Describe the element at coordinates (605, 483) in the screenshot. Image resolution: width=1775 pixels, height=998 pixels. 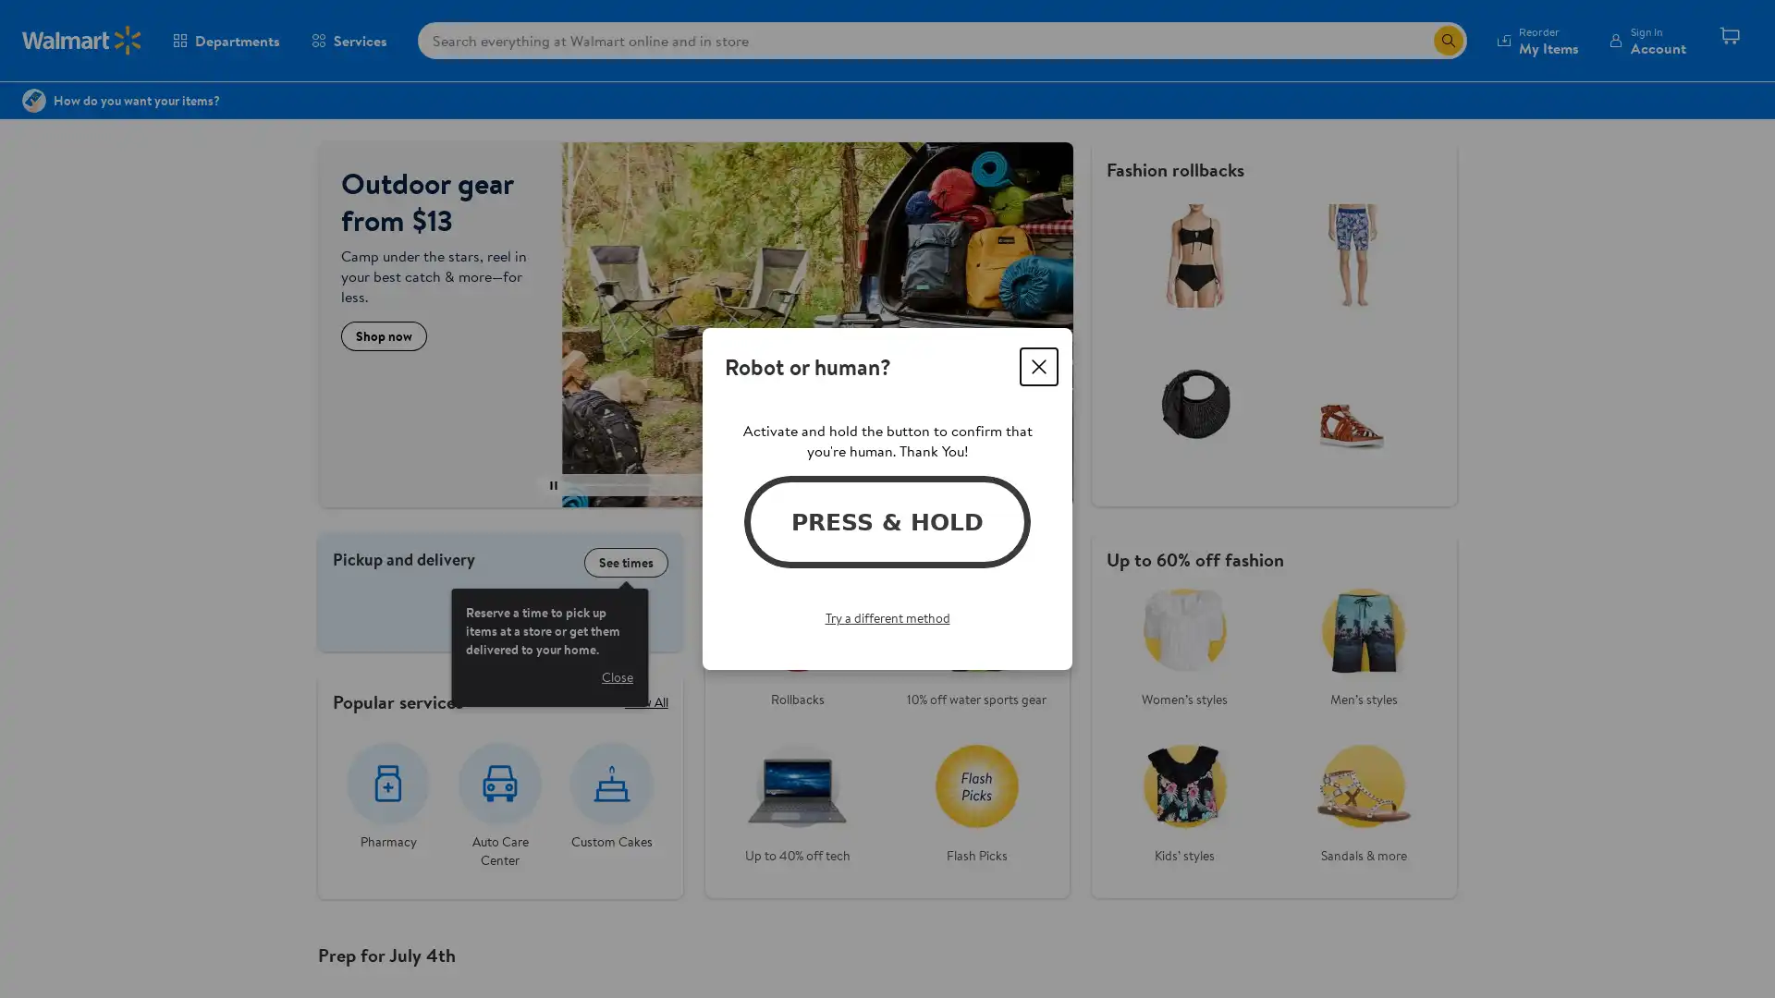
I see `Previous carousel slide` at that location.